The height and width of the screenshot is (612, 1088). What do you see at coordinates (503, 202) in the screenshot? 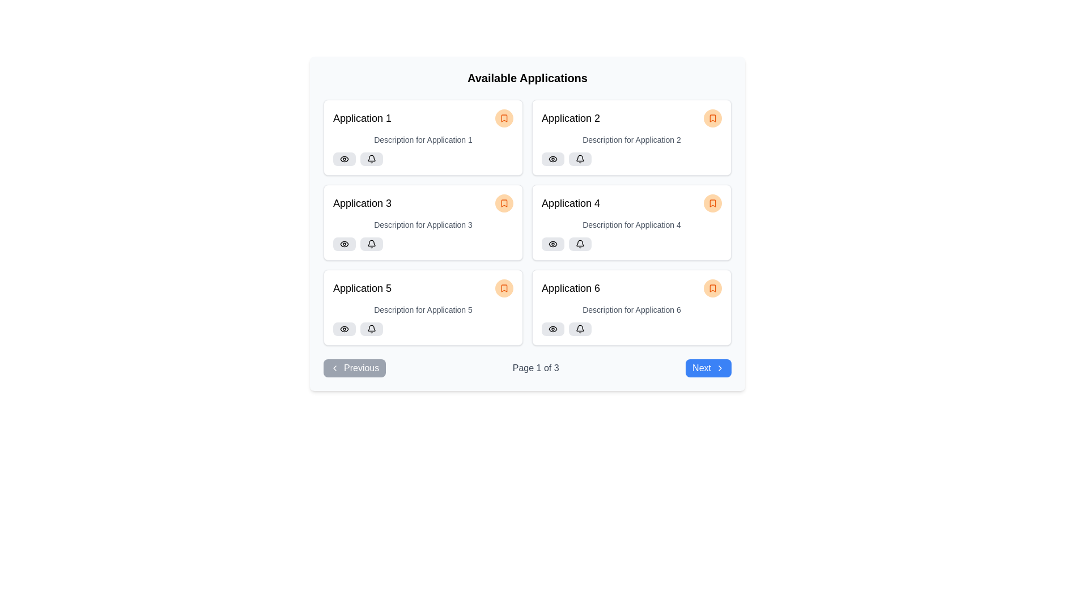
I see `the bookmark button with a filled orange color located in the top-right corner of the 'Application 3' card` at bounding box center [503, 202].